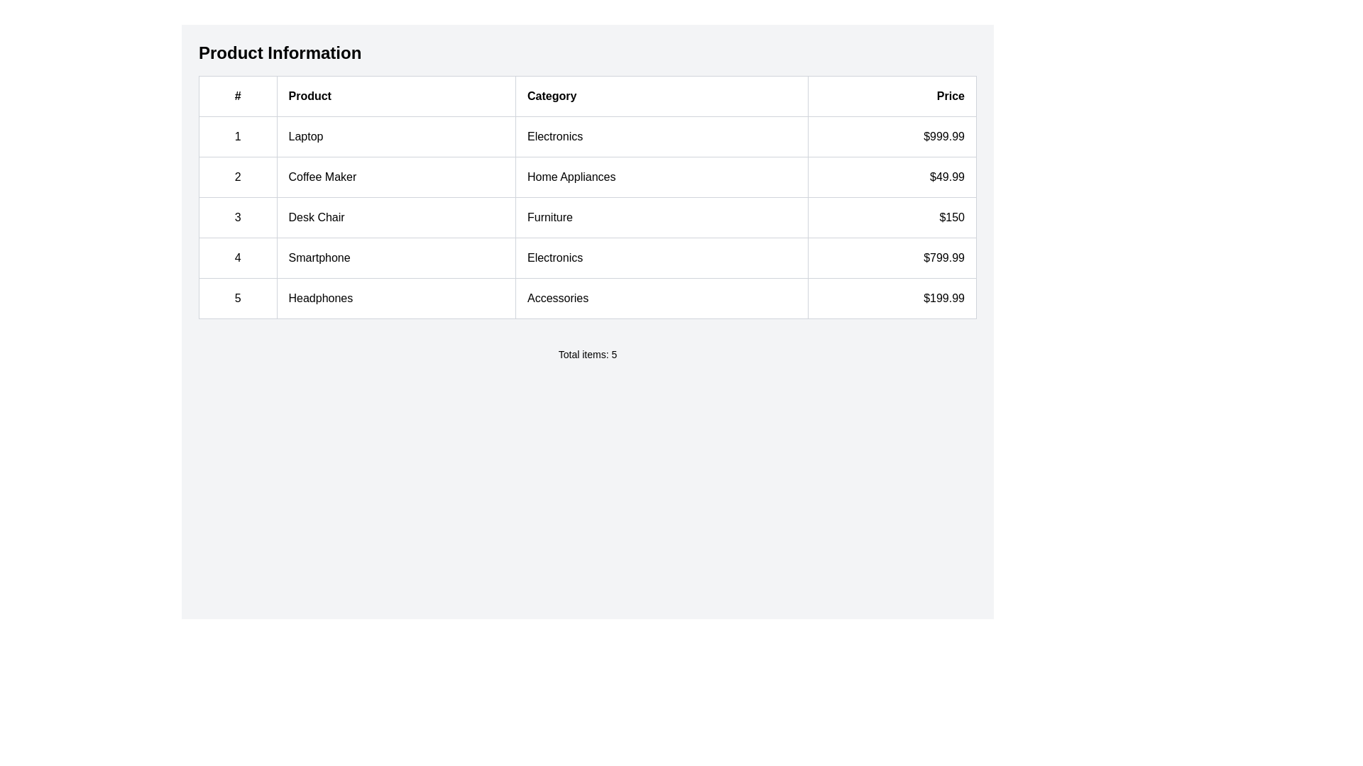 Image resolution: width=1363 pixels, height=766 pixels. What do you see at coordinates (588, 257) in the screenshot?
I see `the fourth row in the data table displaying the product details, which includes the rank '4', product name 'Smartphone', category 'Electronics', and price '$799.99'` at bounding box center [588, 257].